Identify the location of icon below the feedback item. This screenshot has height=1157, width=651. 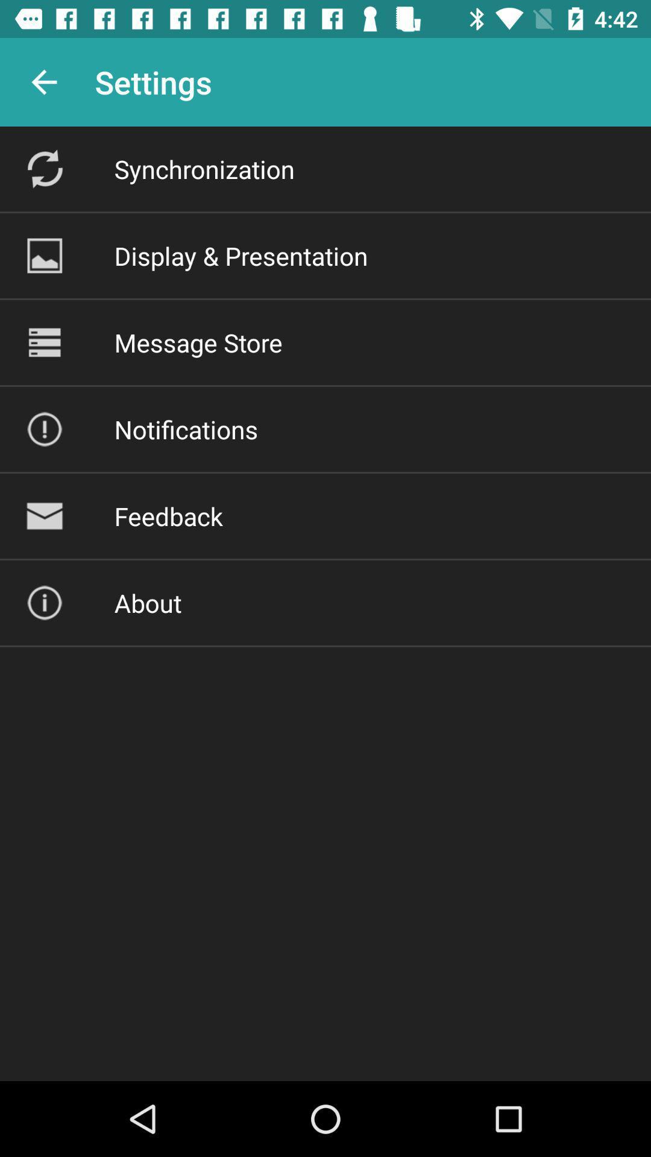
(147, 603).